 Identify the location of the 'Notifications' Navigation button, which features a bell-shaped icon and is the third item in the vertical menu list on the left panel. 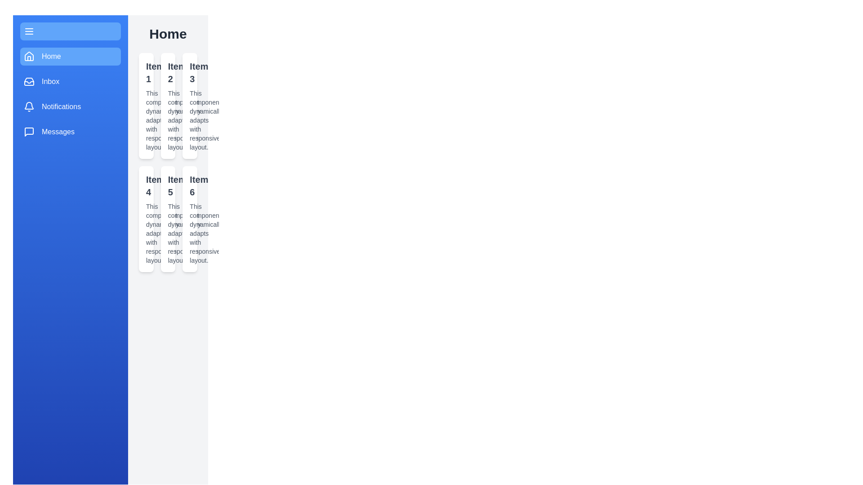
(70, 106).